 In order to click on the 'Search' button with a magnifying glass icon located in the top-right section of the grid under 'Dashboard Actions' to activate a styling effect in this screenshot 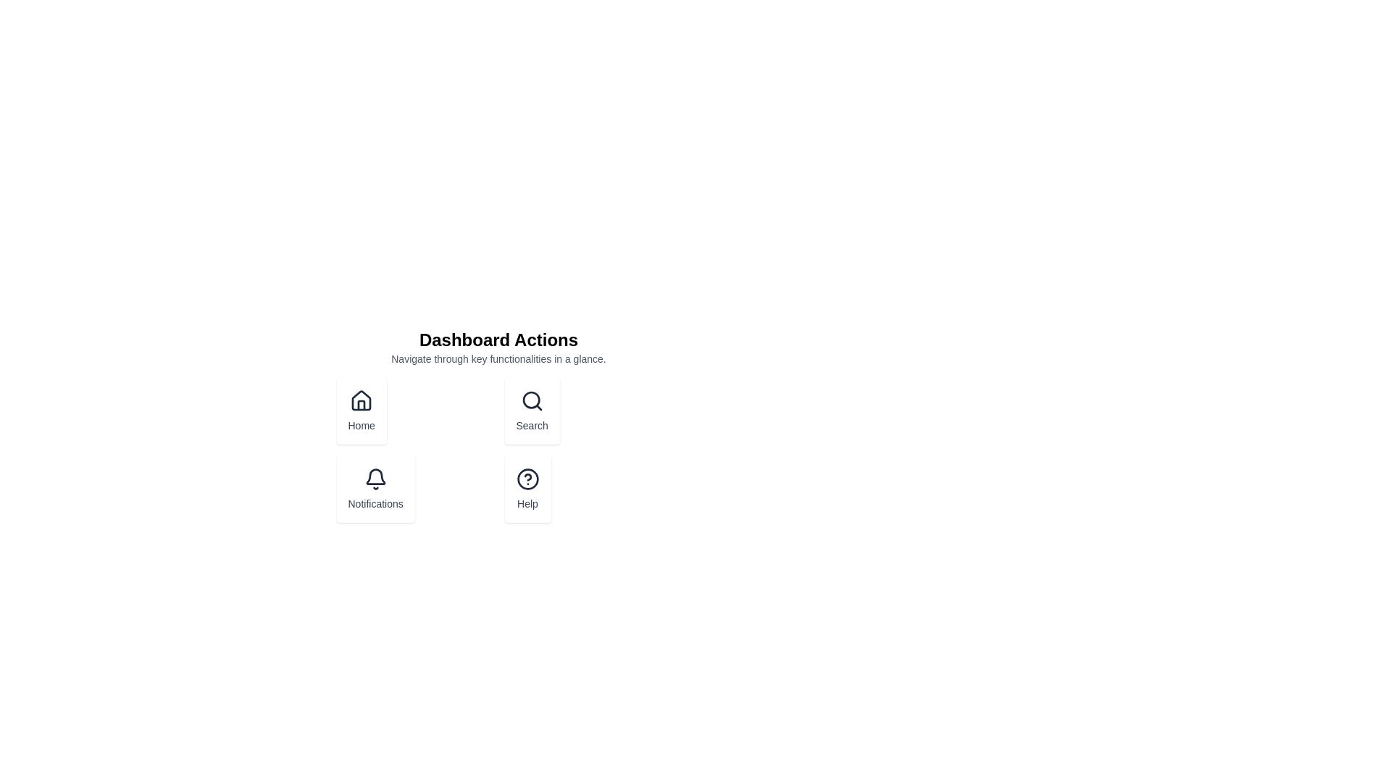, I will do `click(531, 411)`.